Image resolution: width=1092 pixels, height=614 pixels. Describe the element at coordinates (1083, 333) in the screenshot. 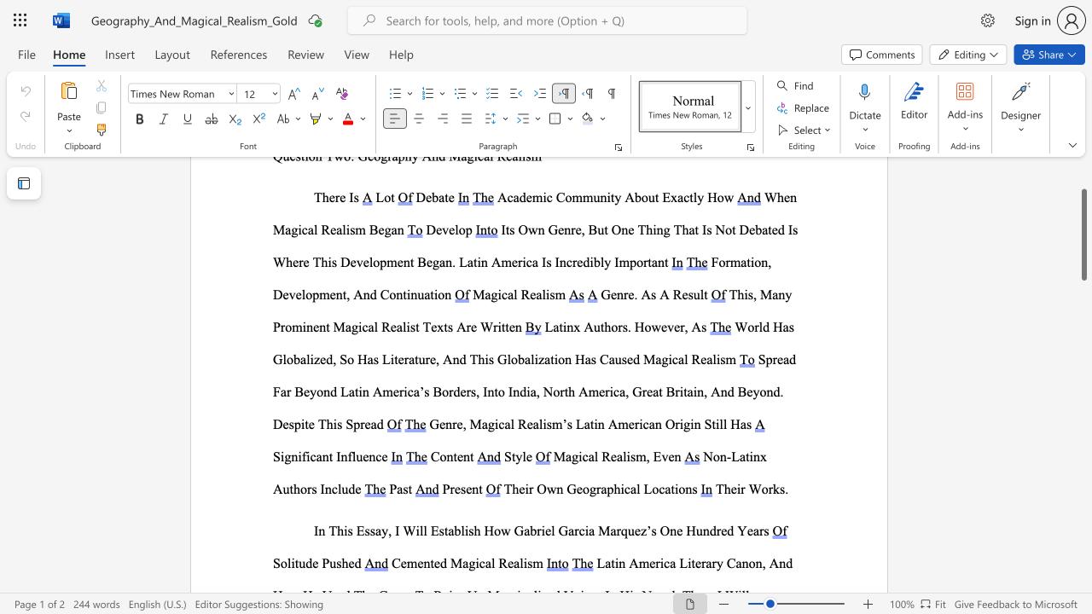

I see `the vertical scrollbar to lower the page content` at that location.